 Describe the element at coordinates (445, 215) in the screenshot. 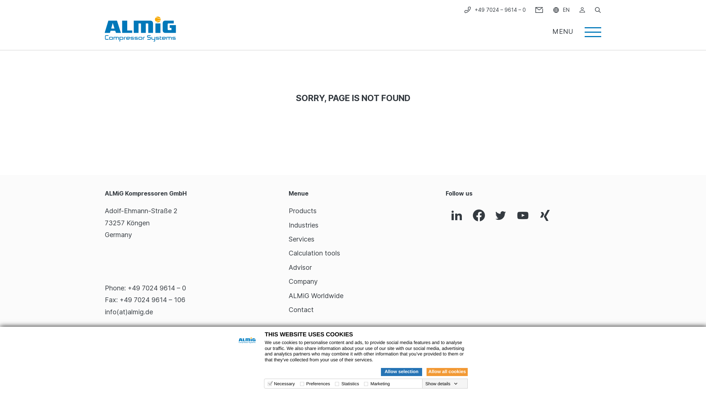

I see `'Linkedin'` at that location.